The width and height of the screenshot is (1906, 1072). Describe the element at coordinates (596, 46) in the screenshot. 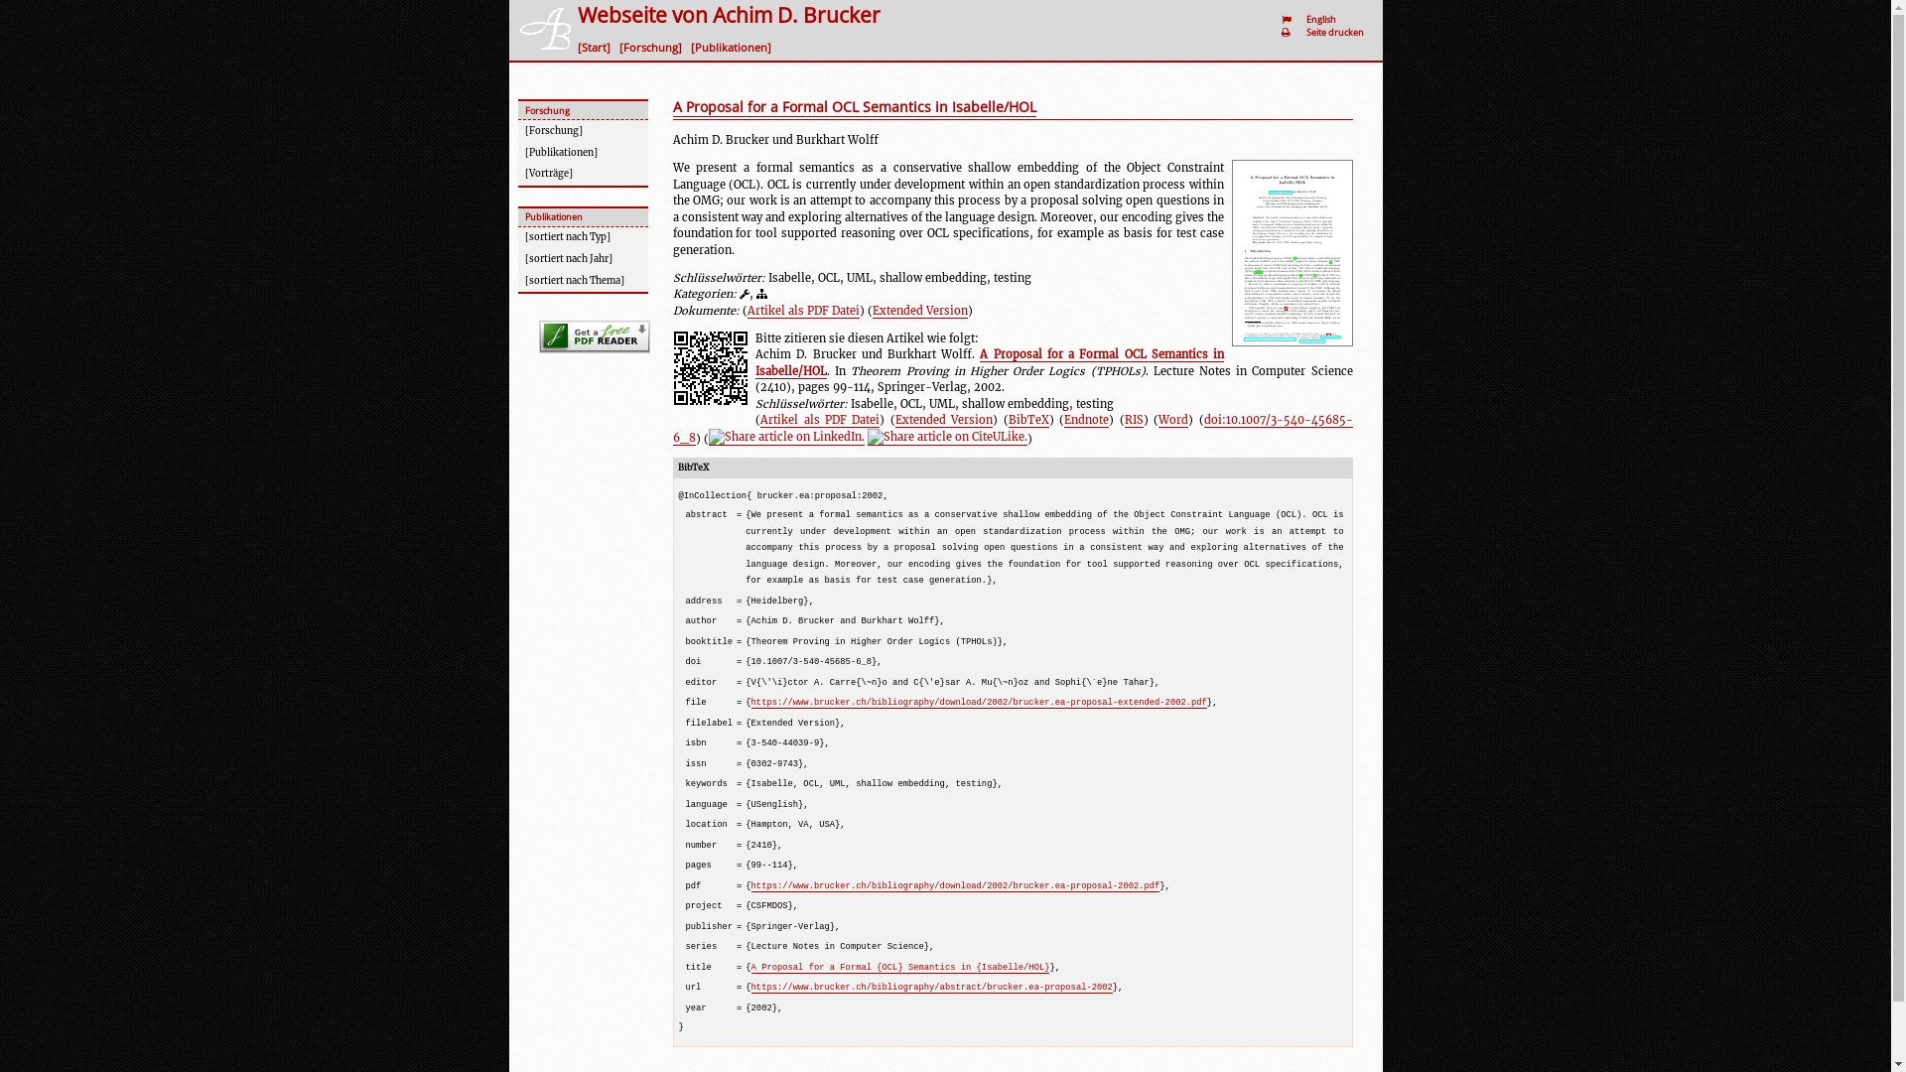

I see `'[Start]'` at that location.